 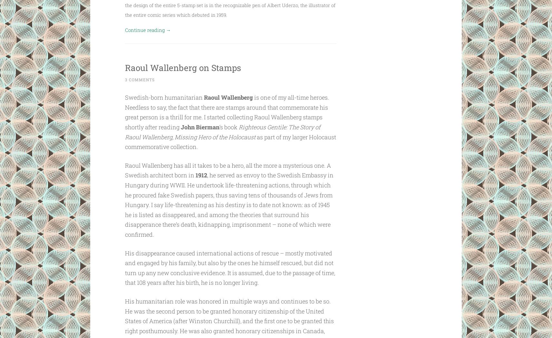 What do you see at coordinates (124, 66) in the screenshot?
I see `'Raoul Wallenberg on Stamps'` at bounding box center [124, 66].